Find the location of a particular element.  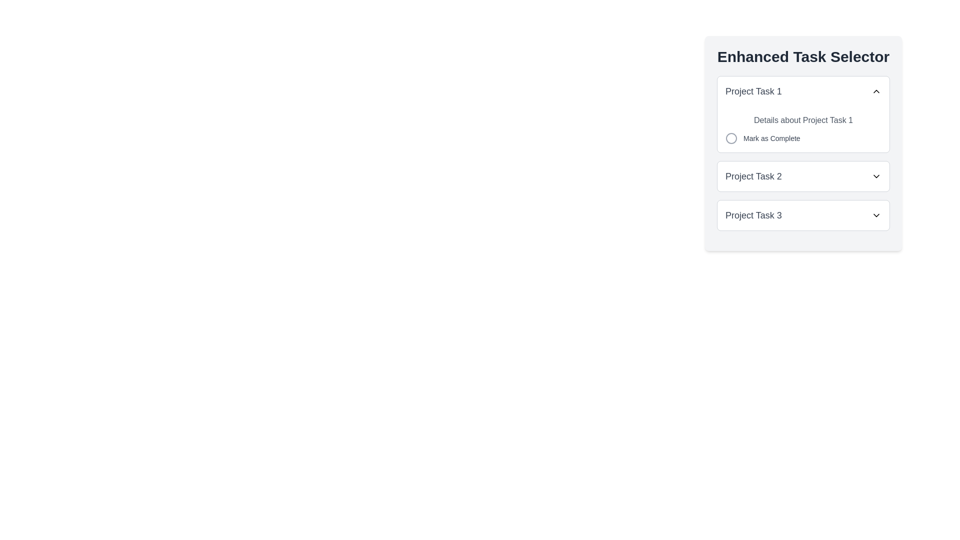

the 'Project Task 1' segment is located at coordinates (803, 153).